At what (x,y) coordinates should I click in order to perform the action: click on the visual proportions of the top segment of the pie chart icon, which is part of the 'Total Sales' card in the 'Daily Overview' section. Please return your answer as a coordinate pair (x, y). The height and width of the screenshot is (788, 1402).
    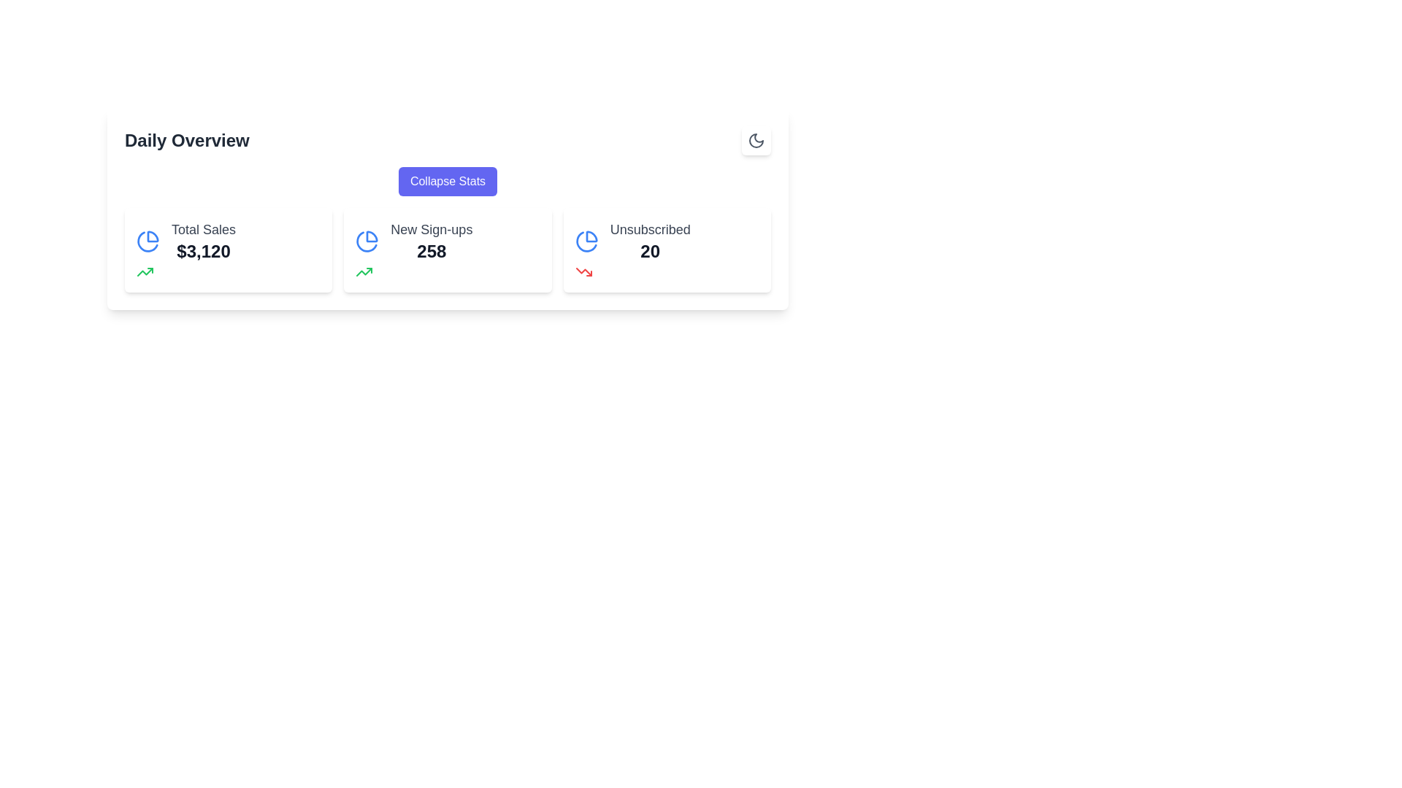
    Looking at the image, I should click on (153, 236).